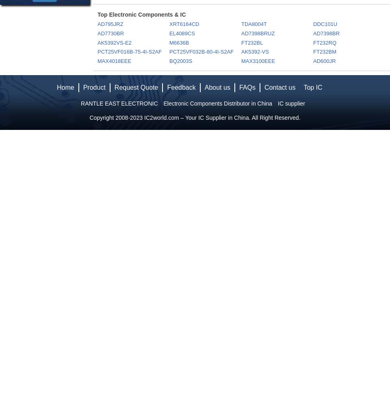 Image resolution: width=390 pixels, height=406 pixels. I want to click on 'Top IC', so click(312, 87).